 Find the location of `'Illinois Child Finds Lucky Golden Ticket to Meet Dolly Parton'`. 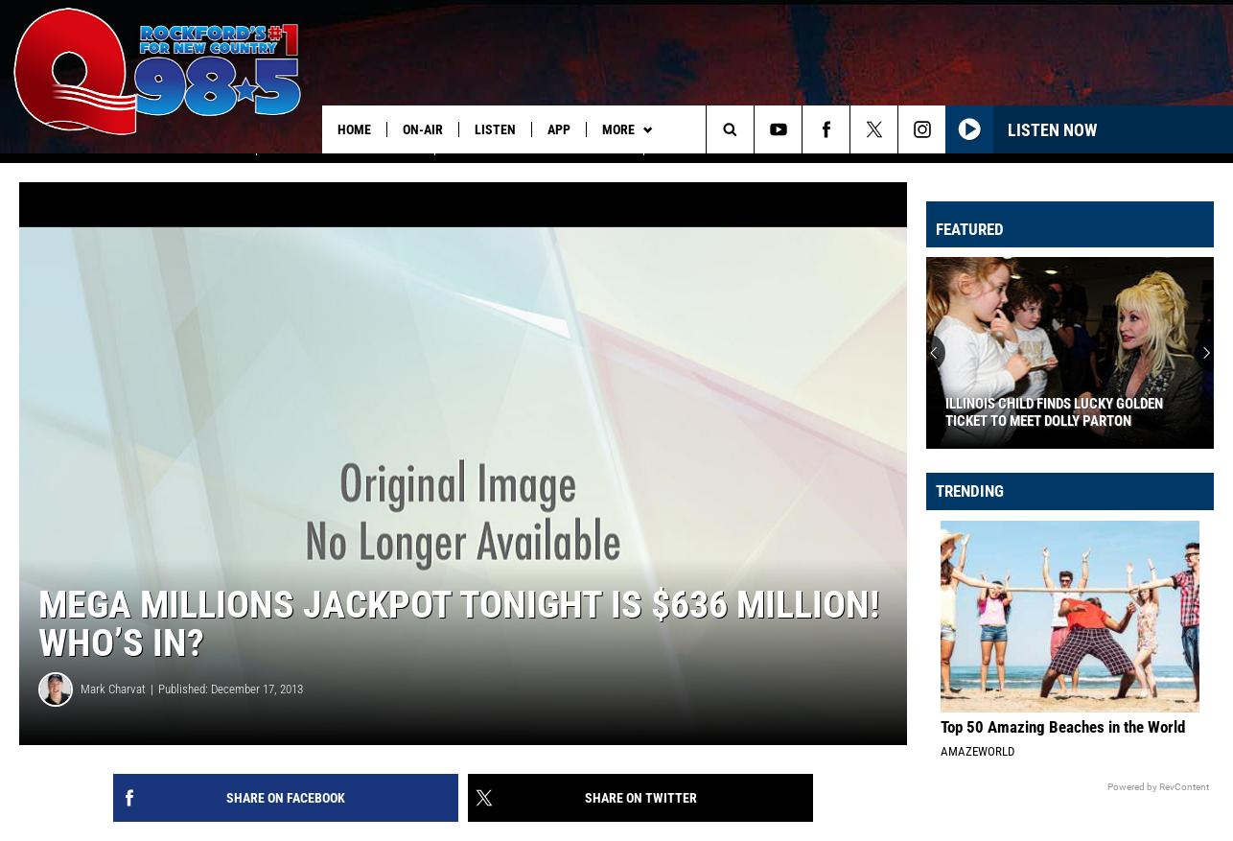

'Illinois Child Finds Lucky Golden Ticket to Meet Dolly Parton' is located at coordinates (1053, 433).